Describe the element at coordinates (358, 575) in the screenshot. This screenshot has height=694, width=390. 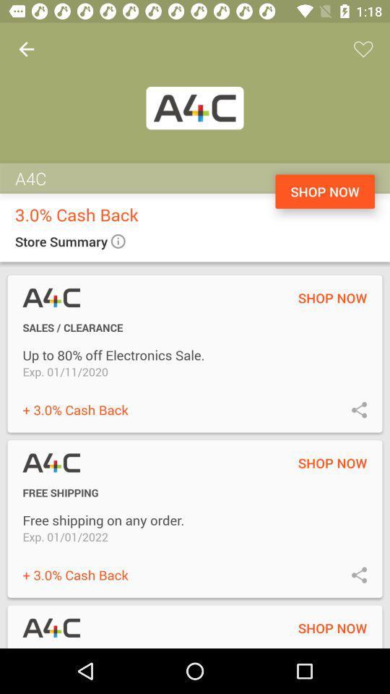
I see `share offer` at that location.